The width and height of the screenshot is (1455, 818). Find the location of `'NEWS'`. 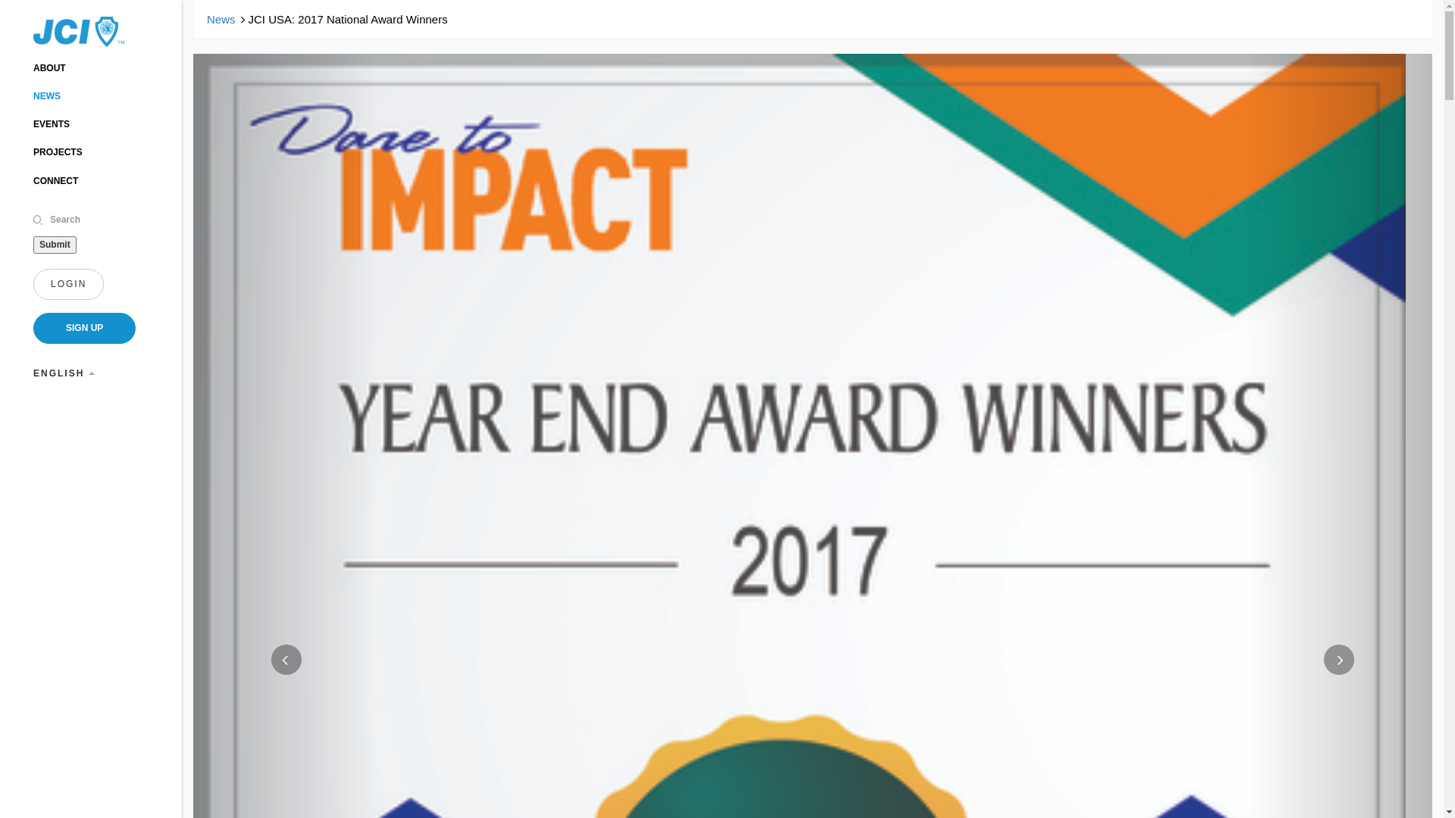

'NEWS' is located at coordinates (47, 96).